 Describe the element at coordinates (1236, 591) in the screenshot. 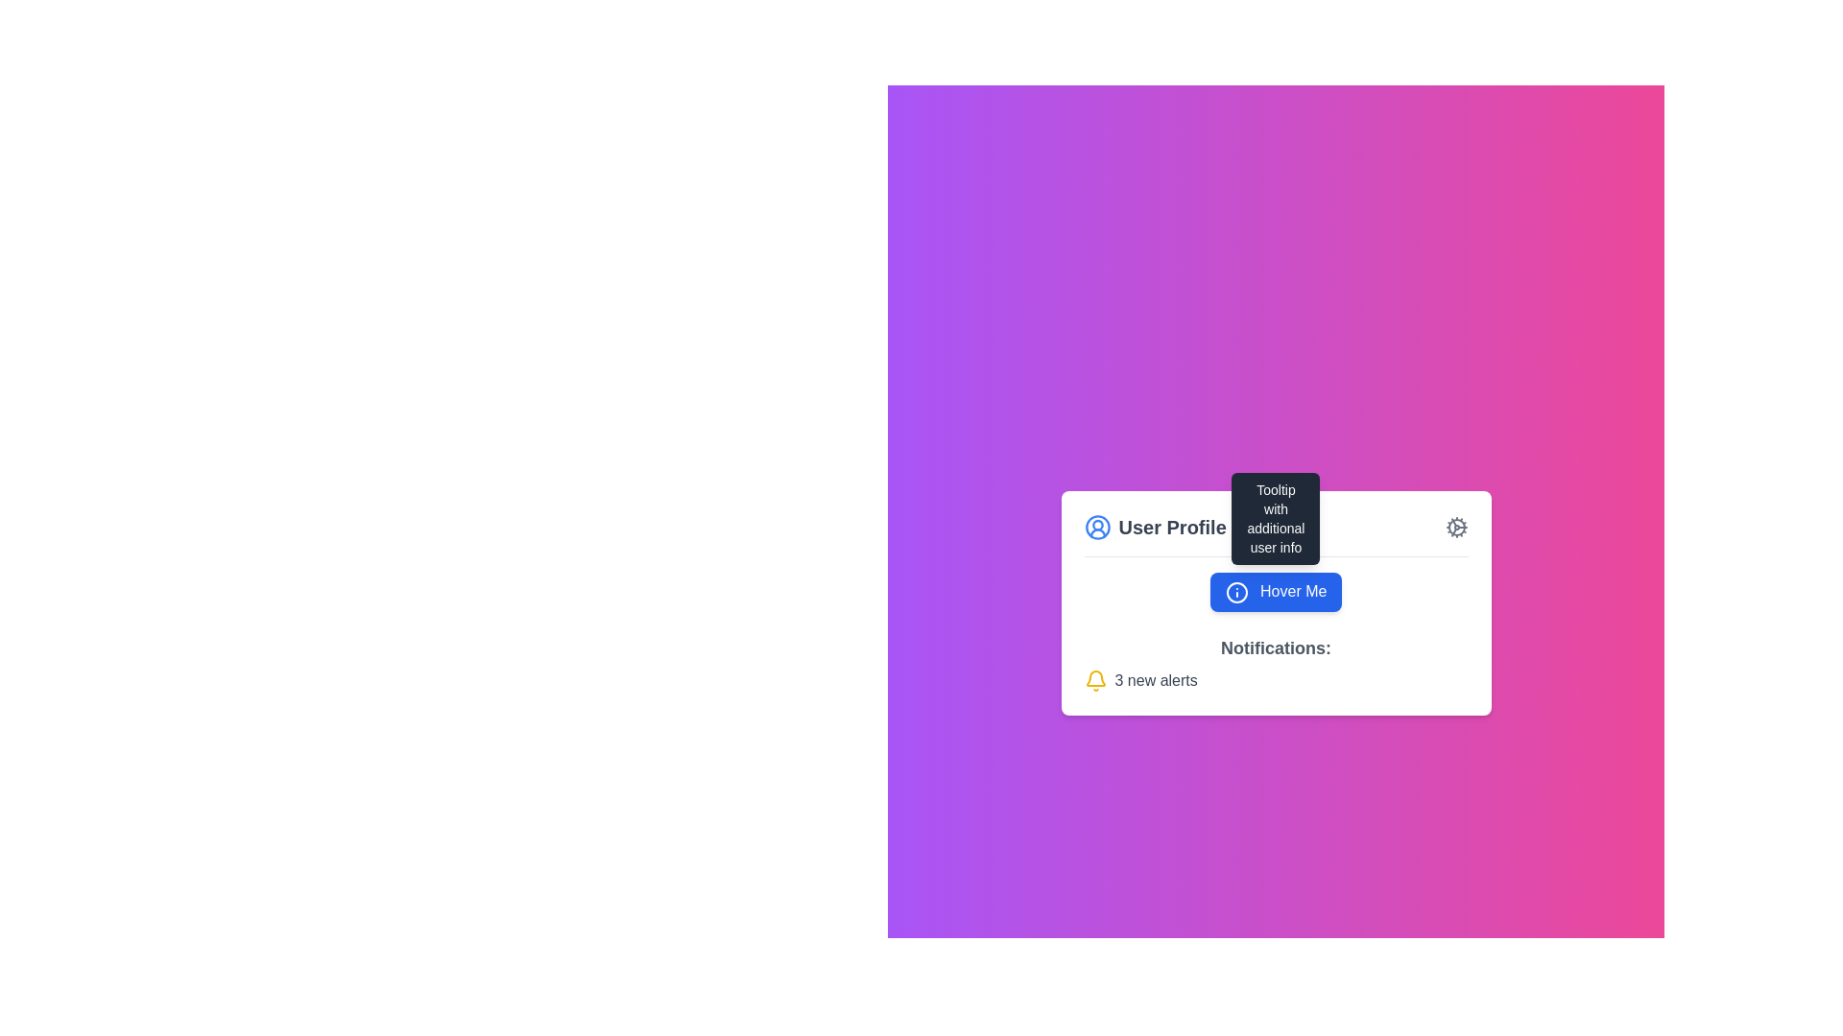

I see `the Icon located at the leftmost side of the text inside the 'Hover Me' button, which visually indicates additional information or guidance` at that location.